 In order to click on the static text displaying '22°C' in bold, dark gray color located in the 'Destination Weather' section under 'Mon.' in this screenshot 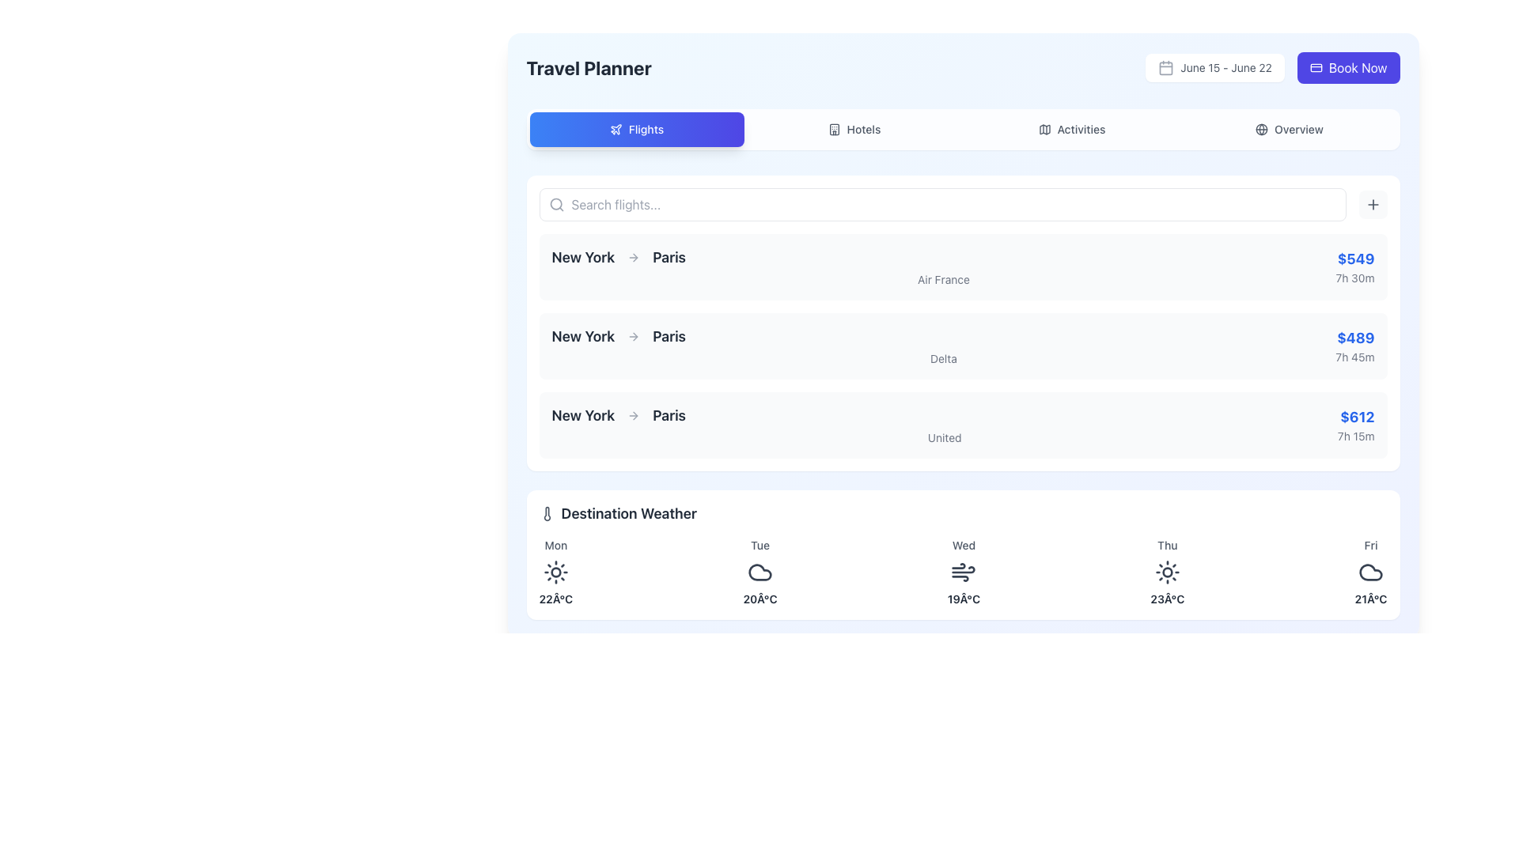, I will do `click(555, 599)`.